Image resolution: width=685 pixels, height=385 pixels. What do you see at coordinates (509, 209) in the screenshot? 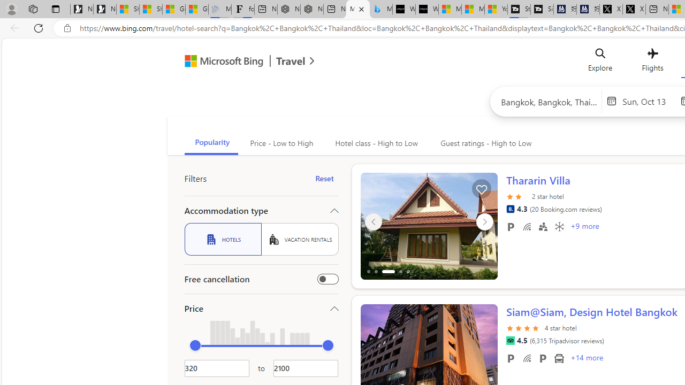
I see `'Booking.com'` at bounding box center [509, 209].